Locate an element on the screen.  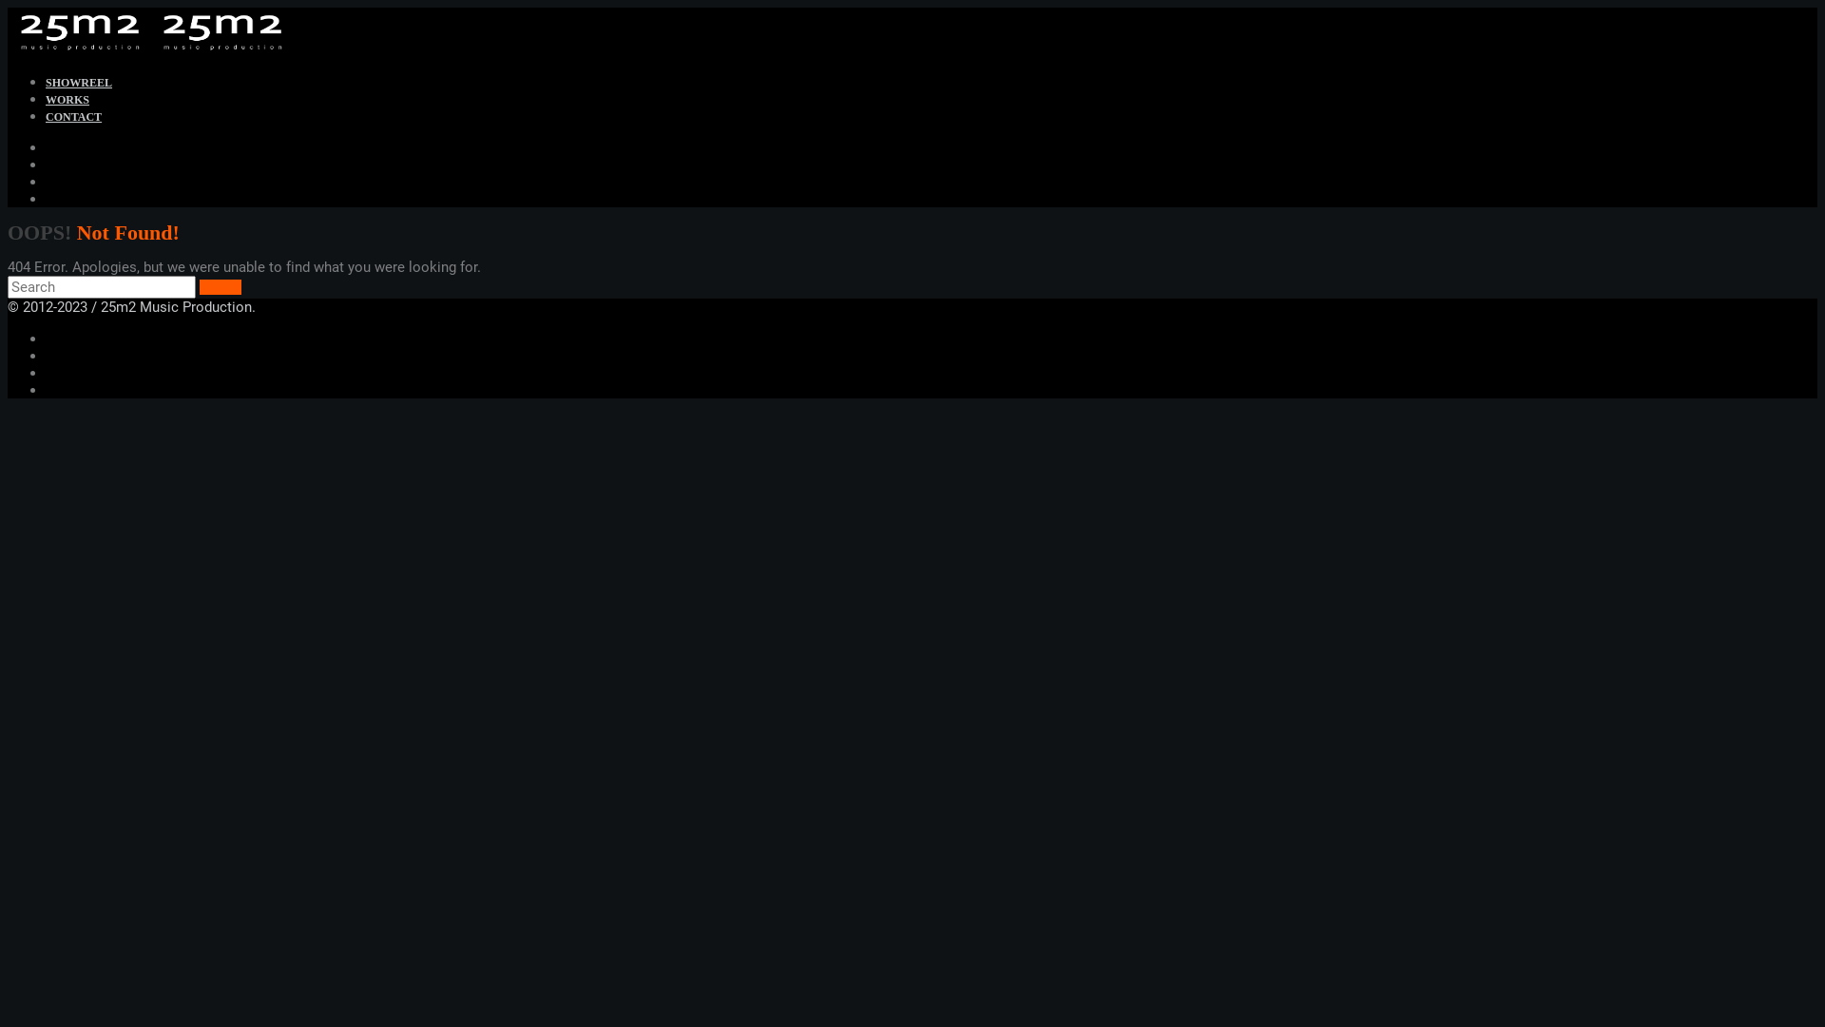
'SHOWREEL' is located at coordinates (77, 82).